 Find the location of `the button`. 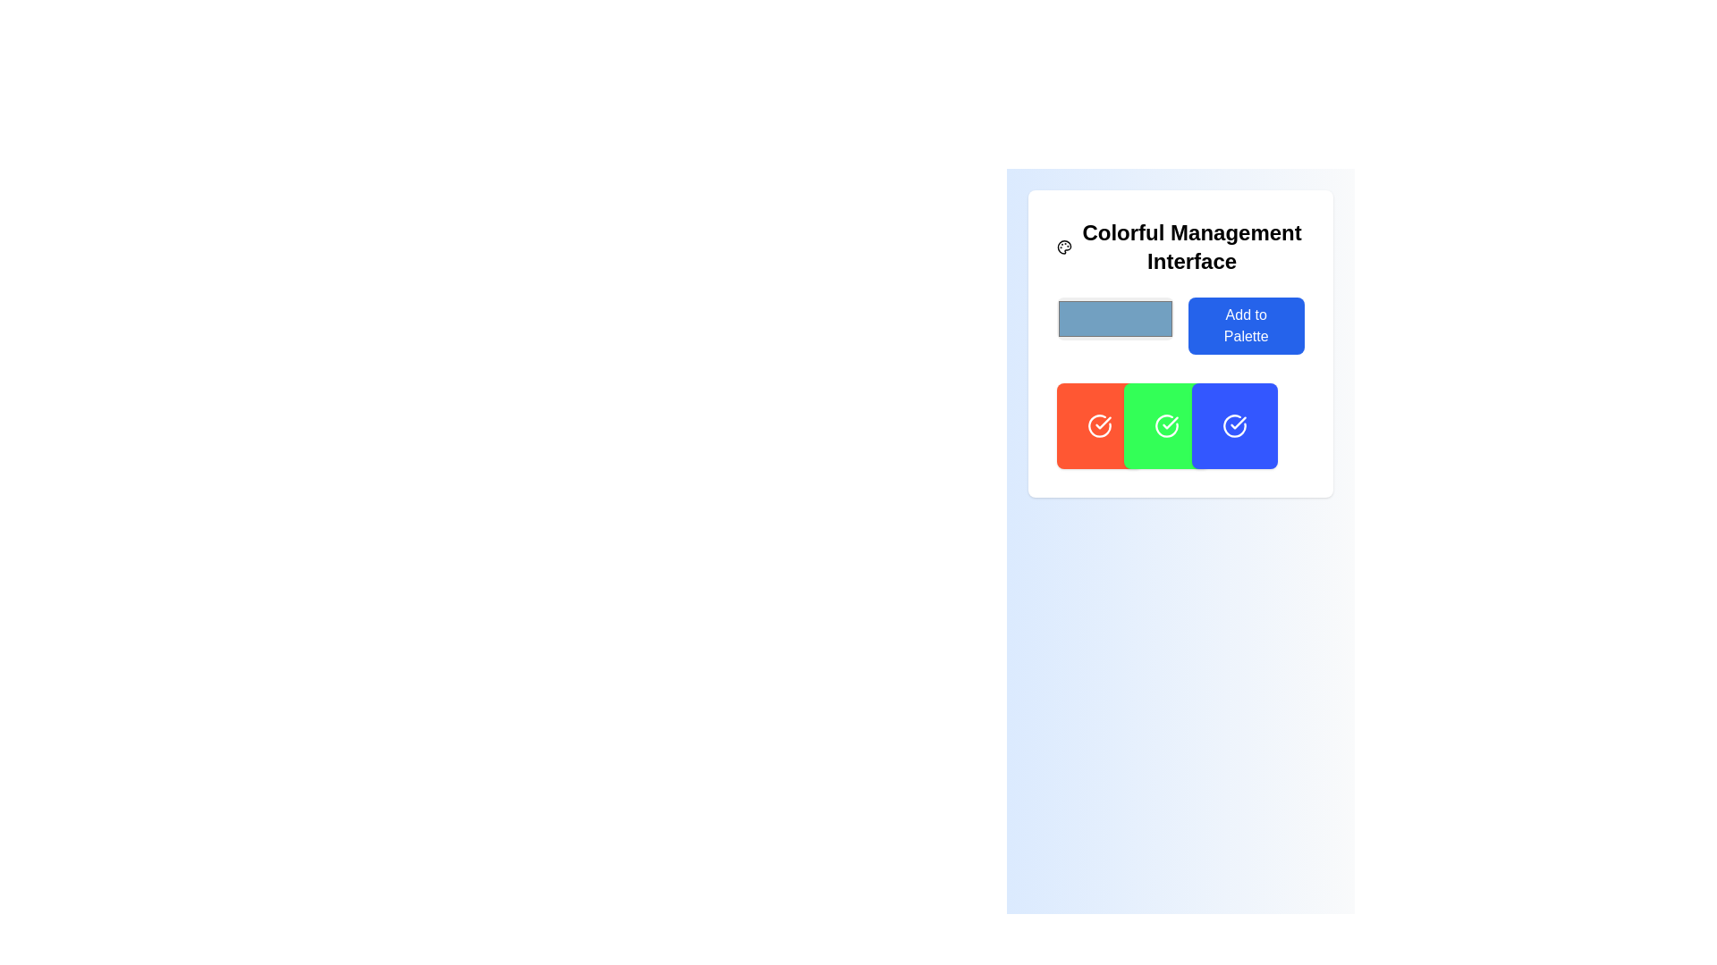

the button is located at coordinates (1245, 326).